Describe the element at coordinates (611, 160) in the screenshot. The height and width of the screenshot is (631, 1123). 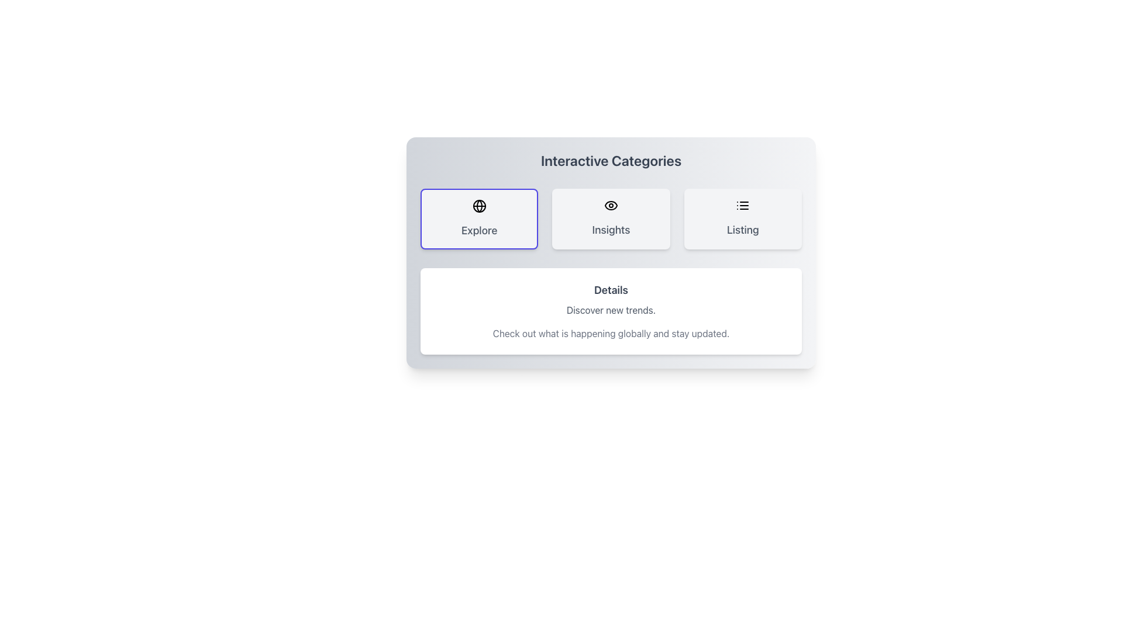
I see `the text label that serves as a section title, indicating the topic or category of the content below it, positioned at the top of the content card layout` at that location.